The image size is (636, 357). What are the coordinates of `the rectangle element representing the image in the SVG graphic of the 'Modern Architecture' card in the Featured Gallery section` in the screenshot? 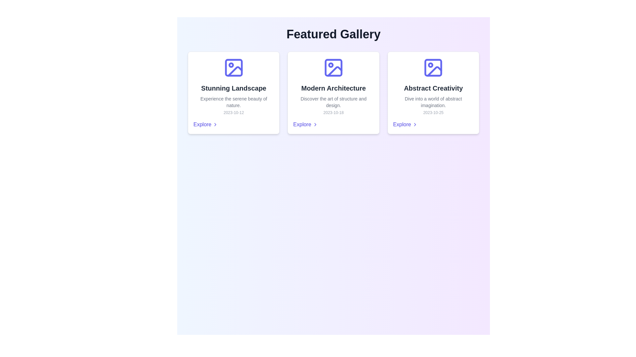 It's located at (334, 67).